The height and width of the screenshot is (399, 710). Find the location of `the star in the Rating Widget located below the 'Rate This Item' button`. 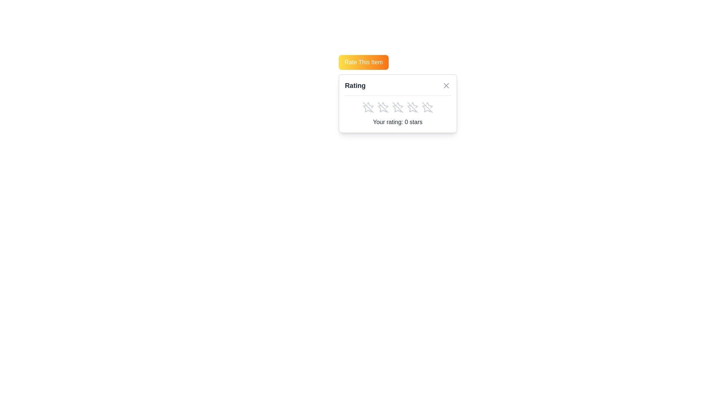

the star in the Rating Widget located below the 'Rate This Item' button is located at coordinates (397, 103).